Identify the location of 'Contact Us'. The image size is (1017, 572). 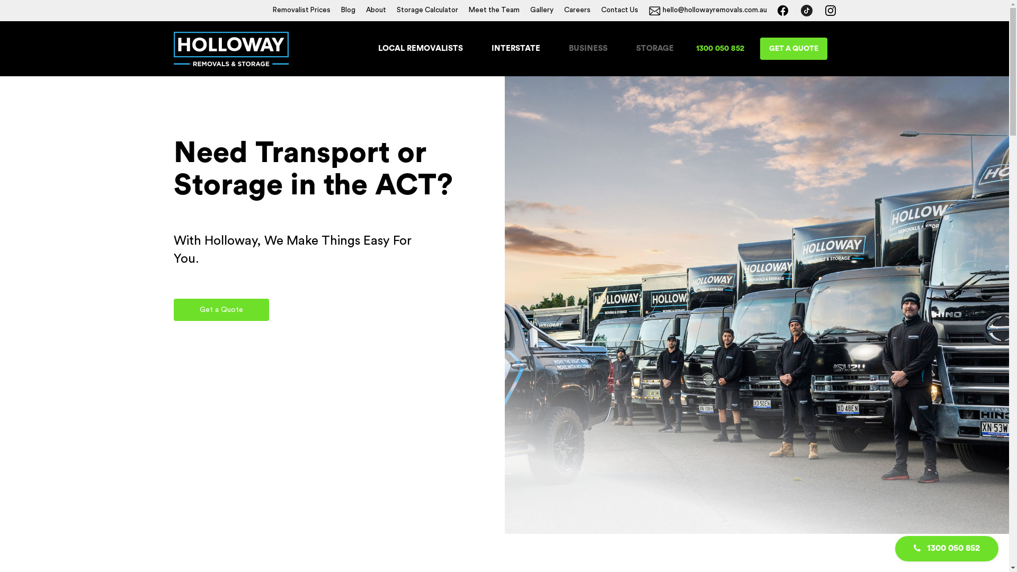
(619, 10).